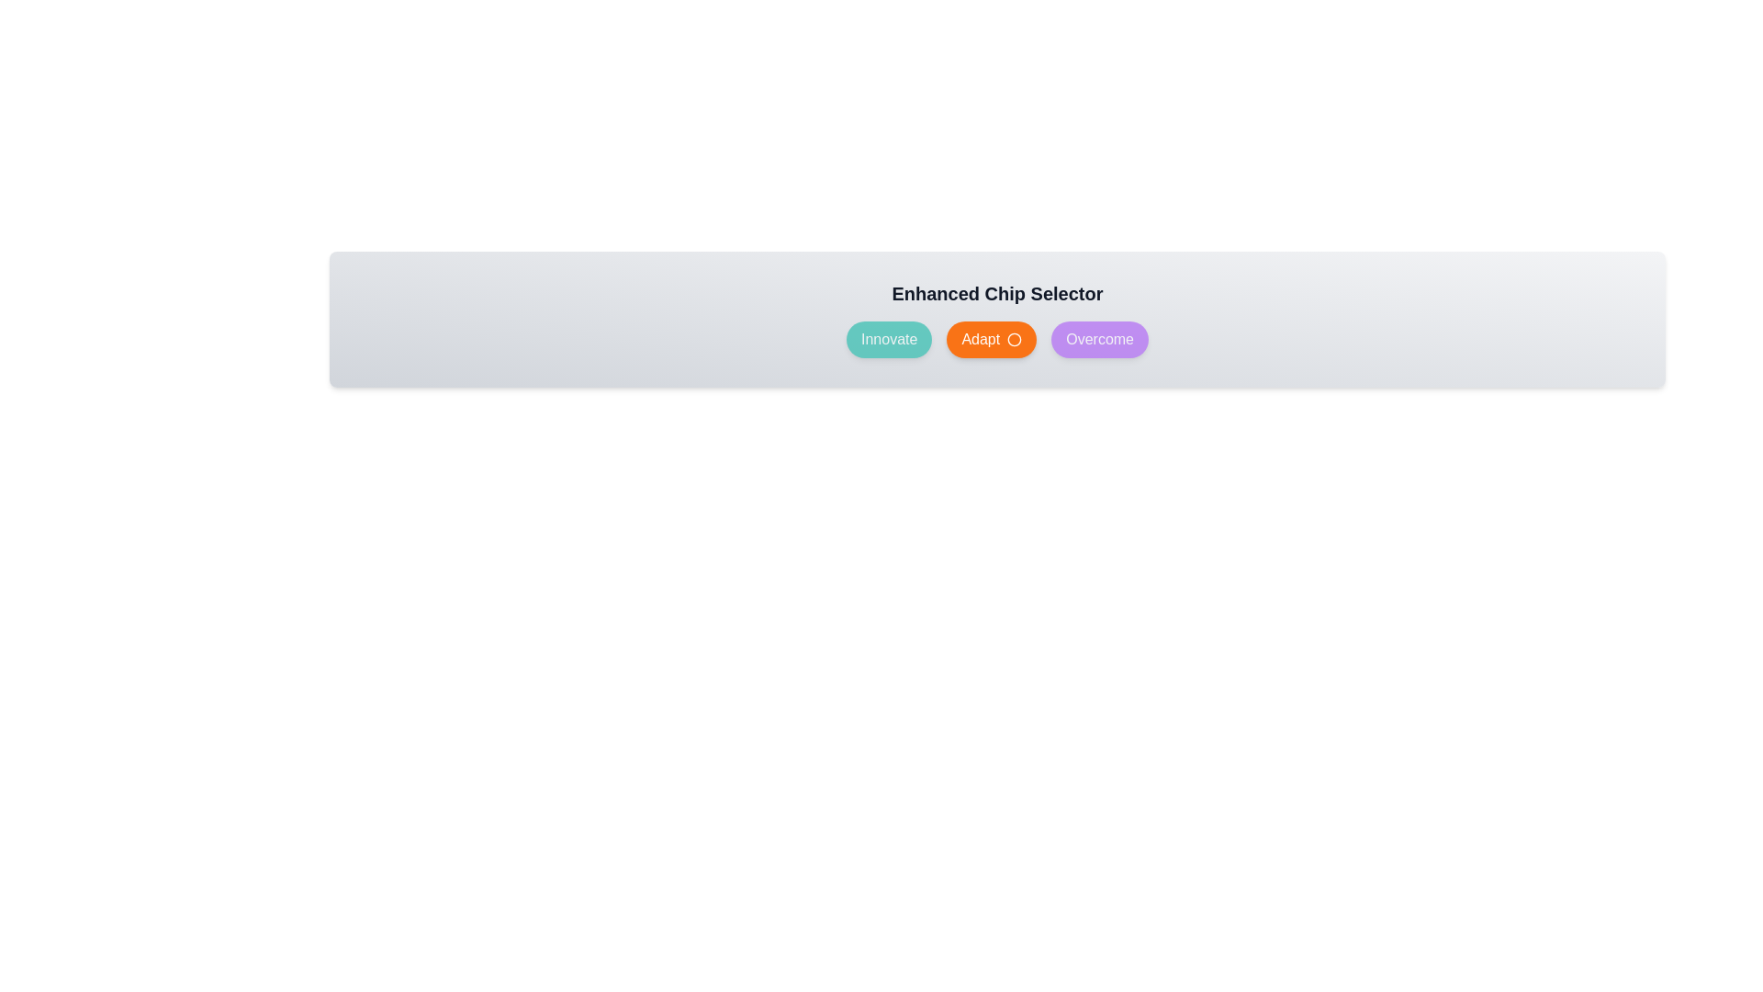 The width and height of the screenshot is (1763, 992). Describe the element at coordinates (991, 340) in the screenshot. I see `the chip labeled Adapt` at that location.